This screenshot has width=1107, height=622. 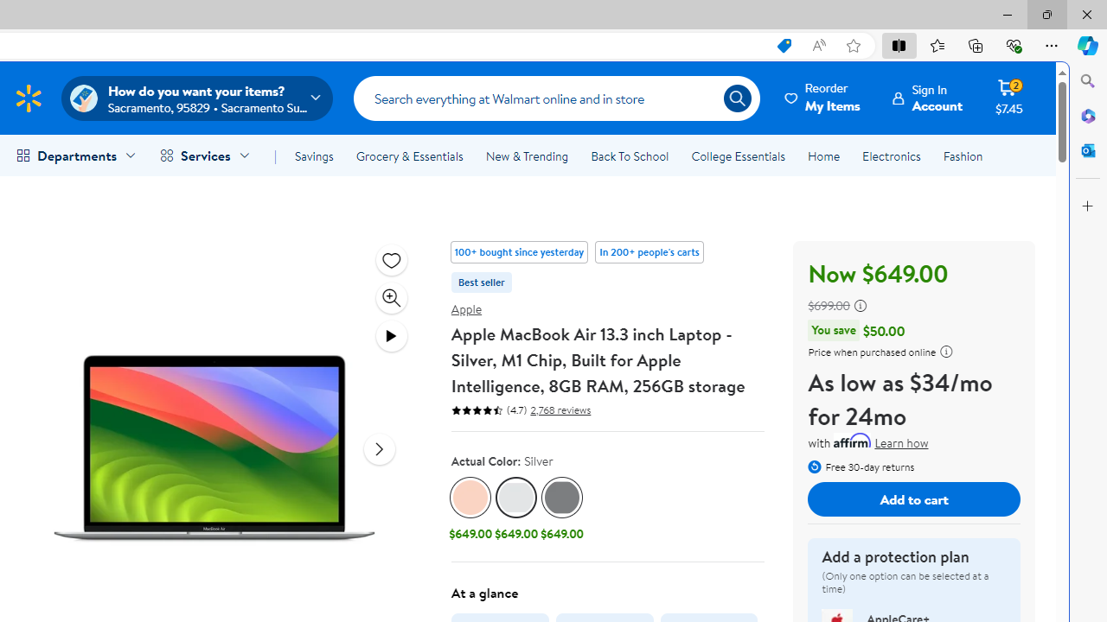 I want to click on '2,768 reviews', so click(x=559, y=409).